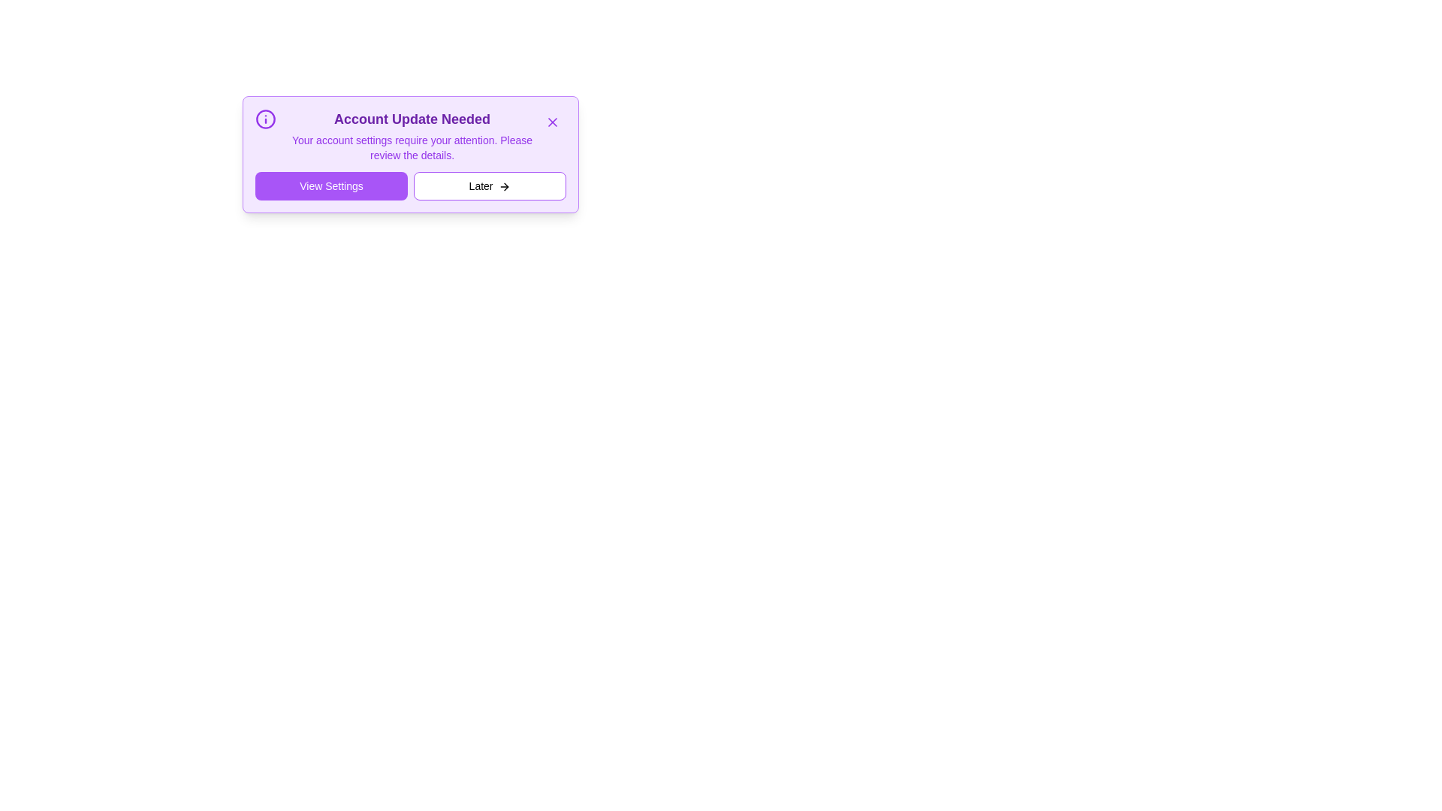 The width and height of the screenshot is (1442, 811). I want to click on close button to dismiss the alert, so click(551, 121).